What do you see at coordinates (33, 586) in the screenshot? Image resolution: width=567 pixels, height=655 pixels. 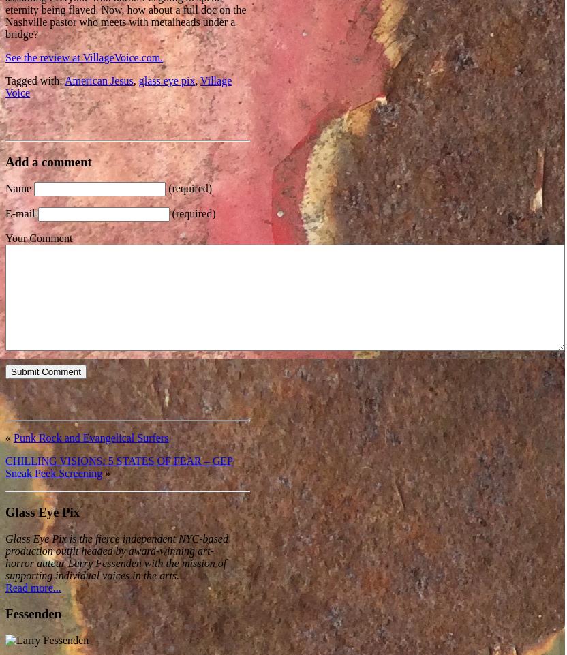 I see `'Read more...'` at bounding box center [33, 586].